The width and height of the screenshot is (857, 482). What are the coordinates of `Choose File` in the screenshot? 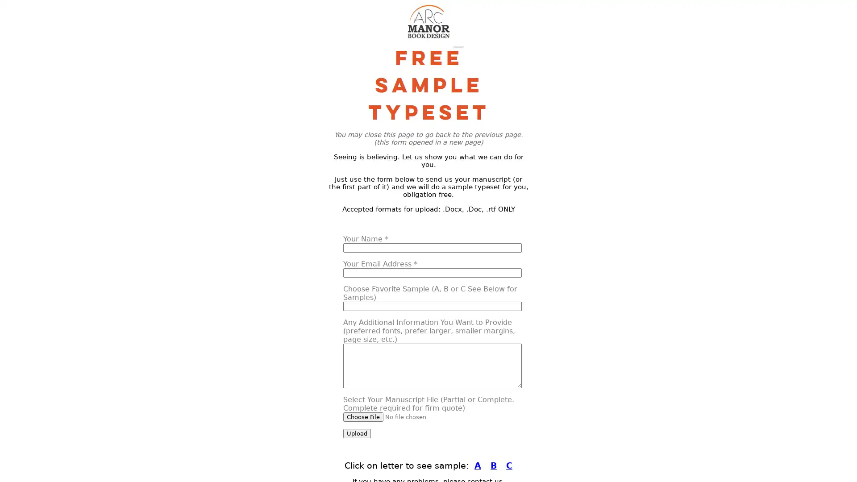 It's located at (363, 417).